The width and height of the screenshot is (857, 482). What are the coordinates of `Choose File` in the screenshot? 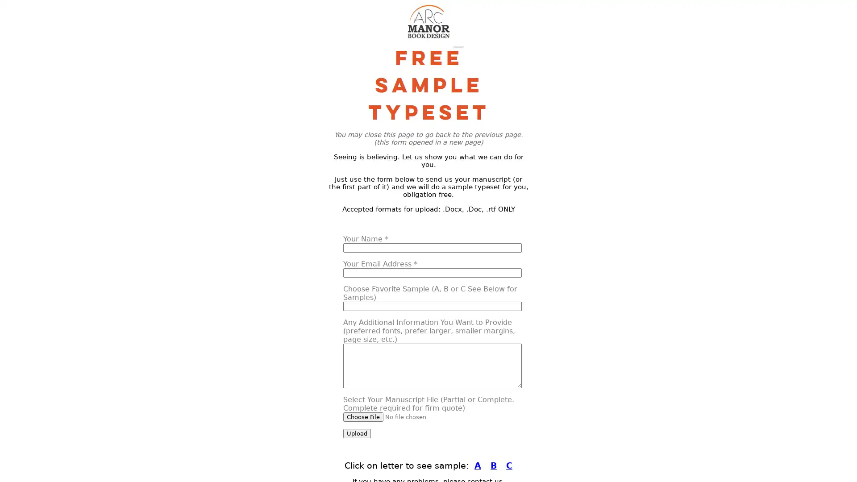 It's located at (363, 417).